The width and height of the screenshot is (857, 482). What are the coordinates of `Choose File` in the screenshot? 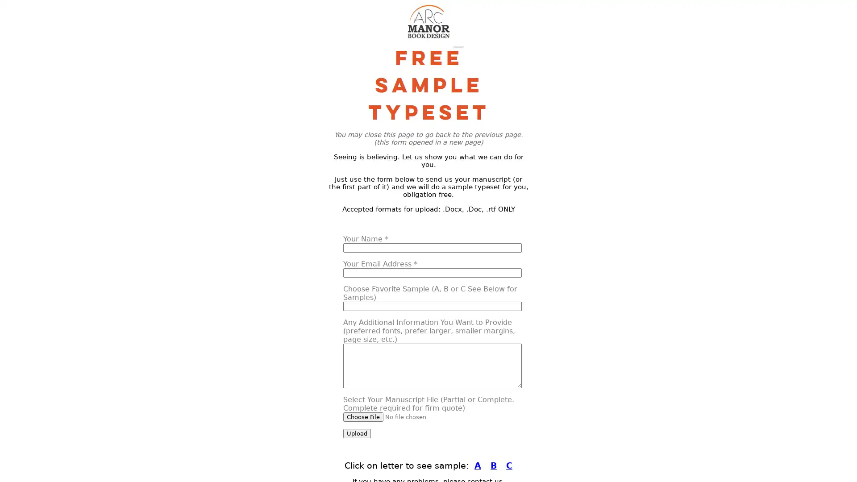 It's located at (363, 417).